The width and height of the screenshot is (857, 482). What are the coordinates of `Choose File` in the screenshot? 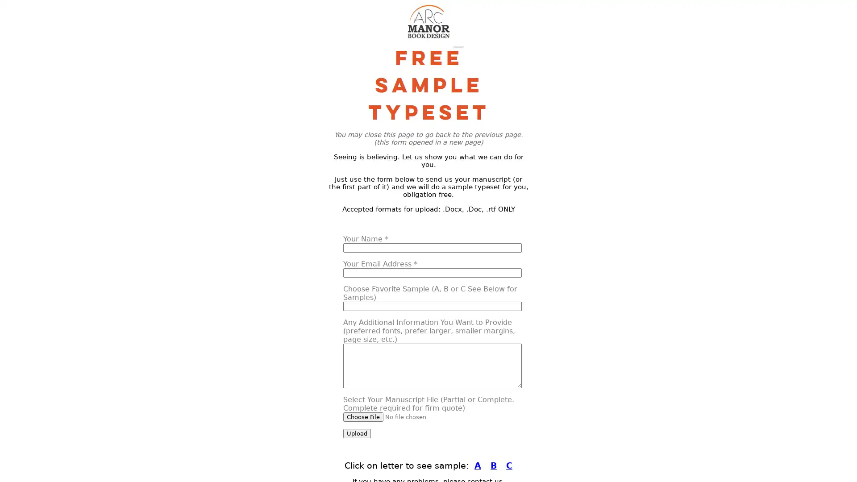 It's located at (363, 417).